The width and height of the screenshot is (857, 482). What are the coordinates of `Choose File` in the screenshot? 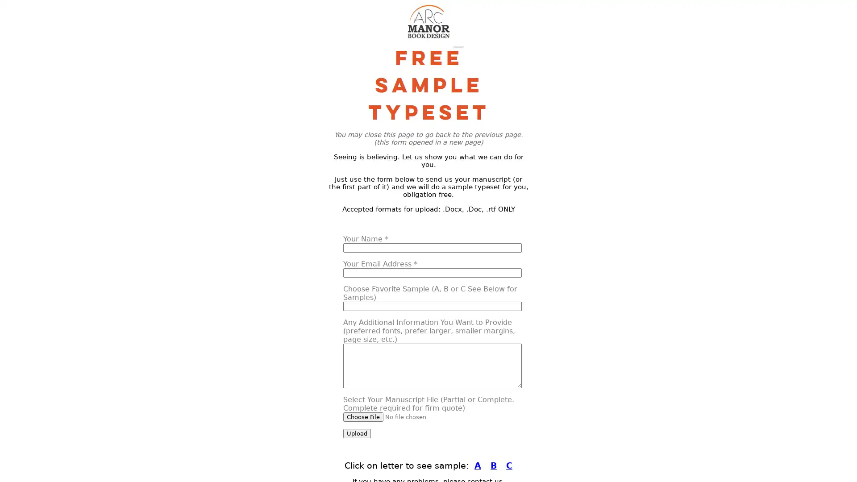 It's located at (363, 417).